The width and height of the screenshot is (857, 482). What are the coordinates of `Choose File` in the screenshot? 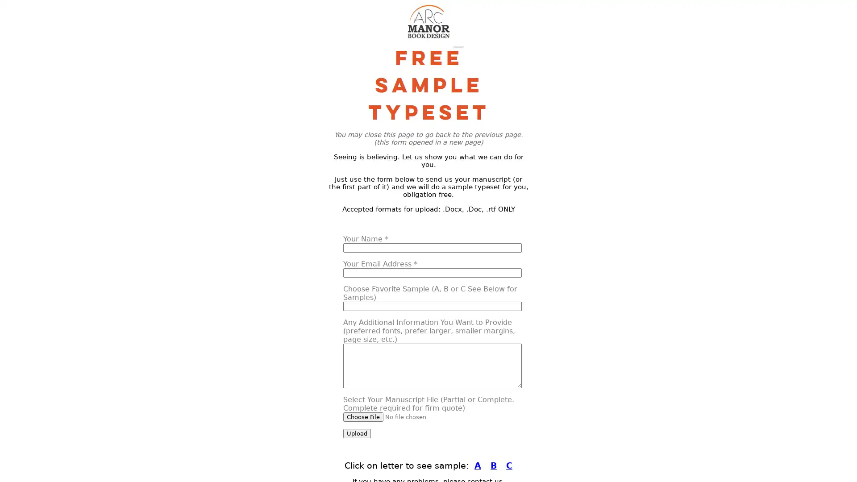 It's located at (363, 417).